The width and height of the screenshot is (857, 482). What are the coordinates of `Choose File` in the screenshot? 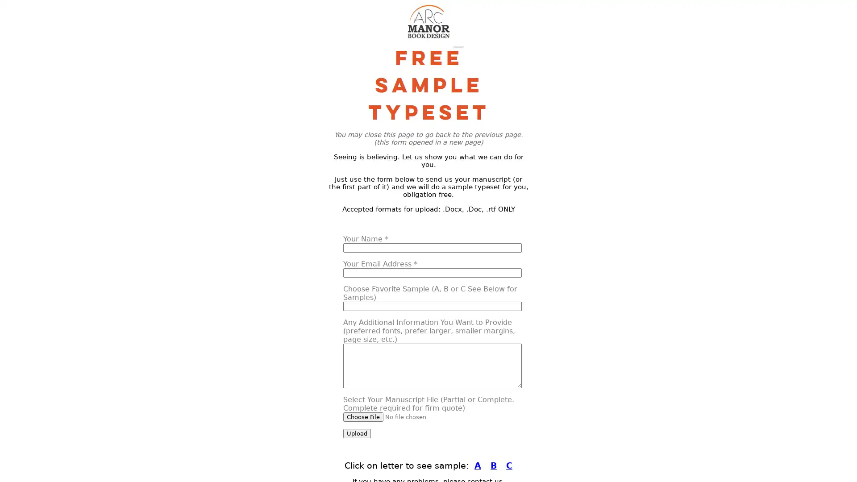 It's located at (363, 417).